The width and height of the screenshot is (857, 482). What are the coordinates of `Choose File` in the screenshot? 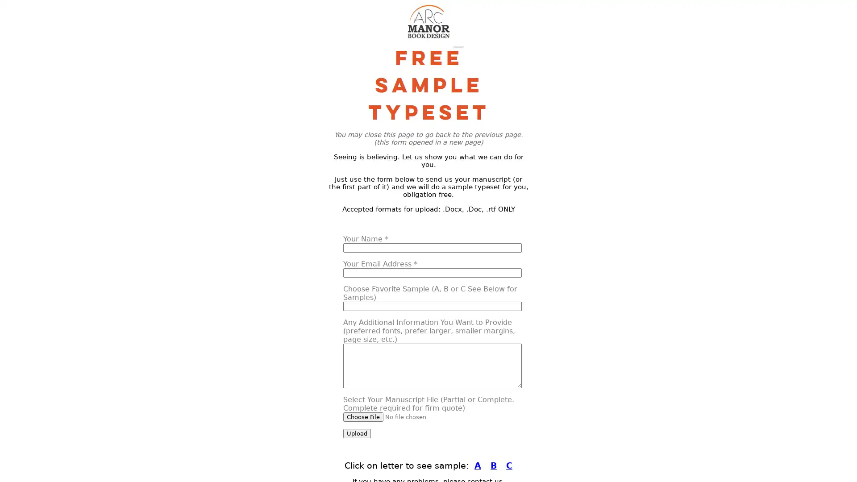 It's located at (363, 417).